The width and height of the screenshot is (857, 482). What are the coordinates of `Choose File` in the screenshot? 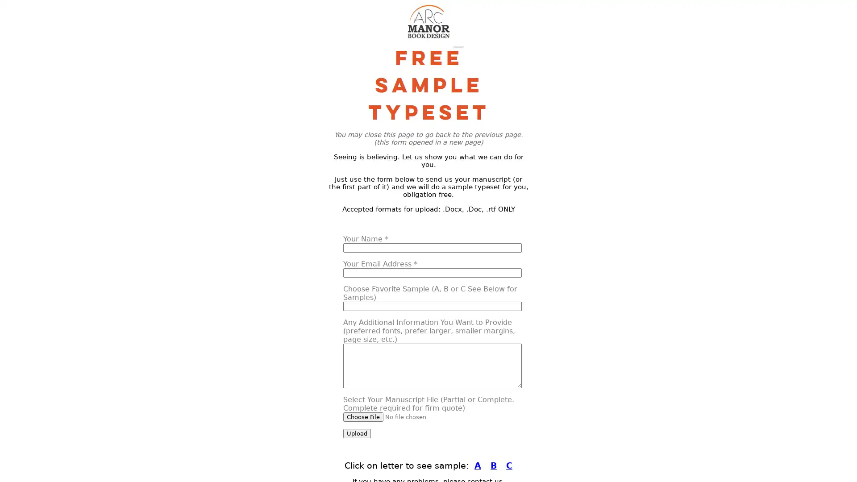 It's located at (363, 417).